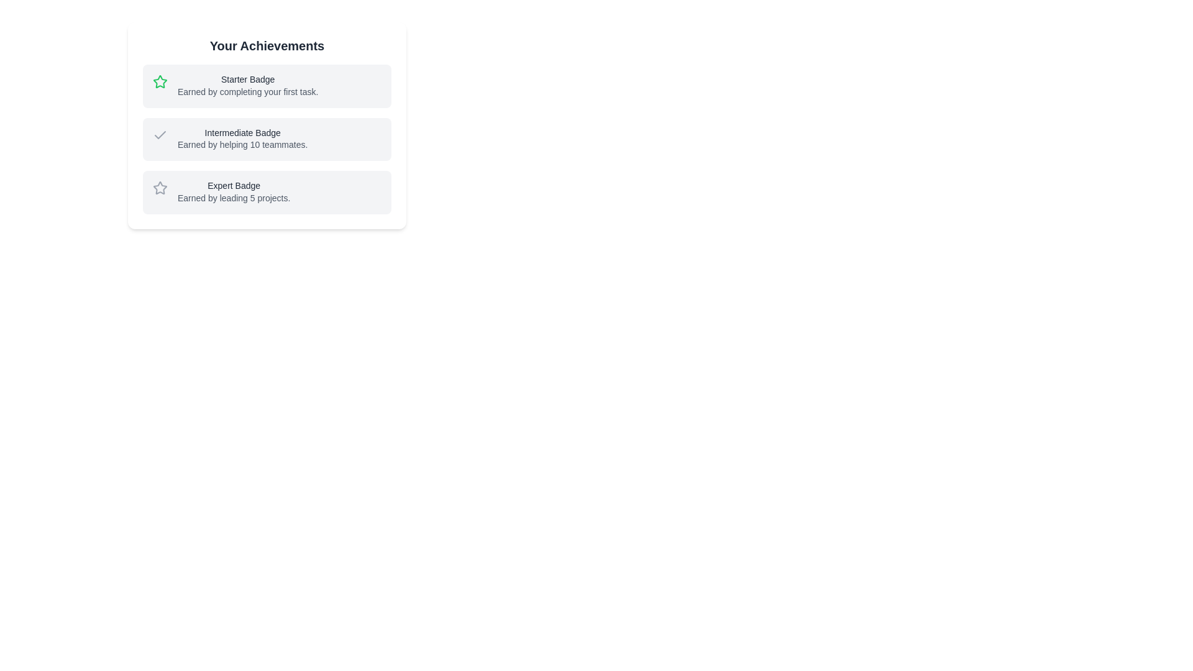  What do you see at coordinates (248, 85) in the screenshot?
I see `the achievement description by clicking on the 'Starter Badge' text label group, which is the first item in the 'Your Achievements' card and features bold, dark gray text` at bounding box center [248, 85].